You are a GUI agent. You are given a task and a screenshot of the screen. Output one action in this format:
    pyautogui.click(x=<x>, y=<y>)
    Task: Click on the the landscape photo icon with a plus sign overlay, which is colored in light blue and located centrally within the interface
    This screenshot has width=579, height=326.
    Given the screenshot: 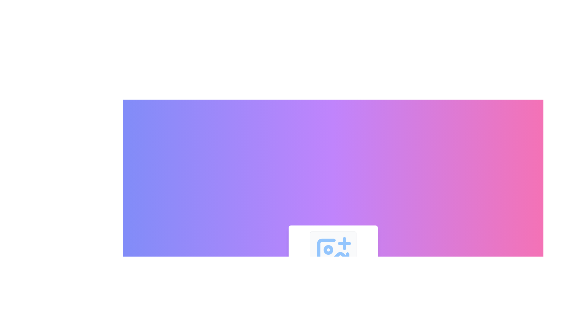 What is the action you would take?
    pyautogui.click(x=333, y=255)
    